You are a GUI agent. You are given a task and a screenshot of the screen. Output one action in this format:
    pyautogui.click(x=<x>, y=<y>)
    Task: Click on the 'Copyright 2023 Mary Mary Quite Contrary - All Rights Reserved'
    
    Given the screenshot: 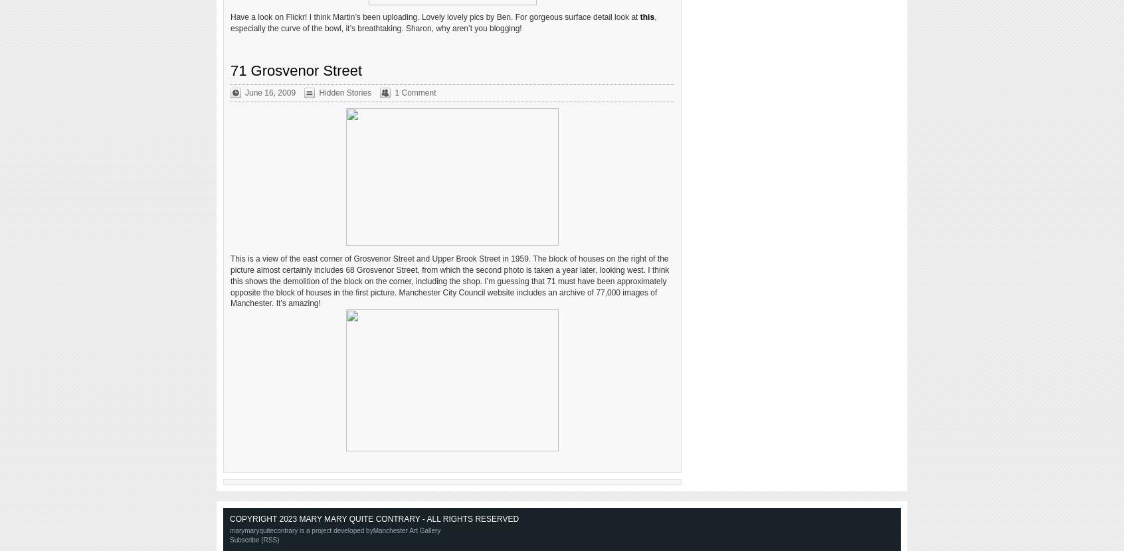 What is the action you would take?
    pyautogui.click(x=374, y=519)
    